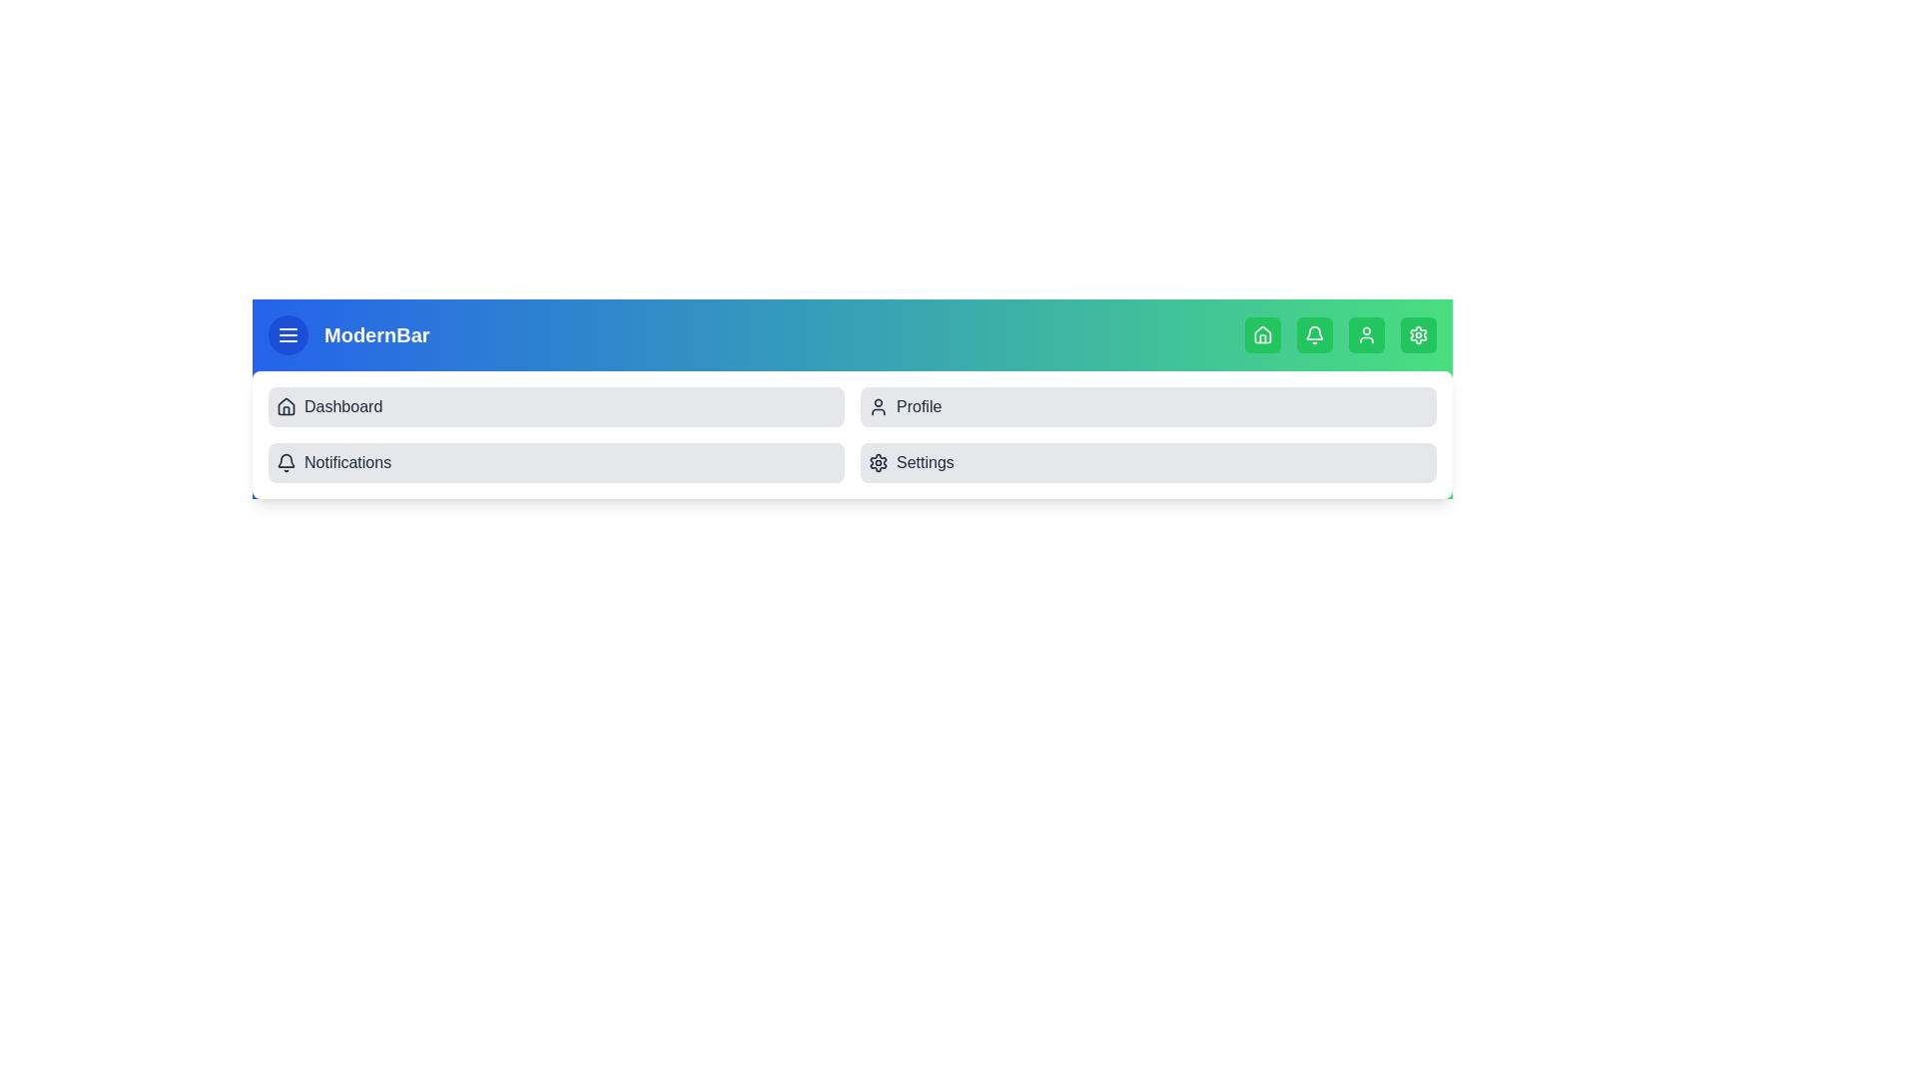  Describe the element at coordinates (1262, 333) in the screenshot. I see `the navigation icon Home at the top of the app bar` at that location.